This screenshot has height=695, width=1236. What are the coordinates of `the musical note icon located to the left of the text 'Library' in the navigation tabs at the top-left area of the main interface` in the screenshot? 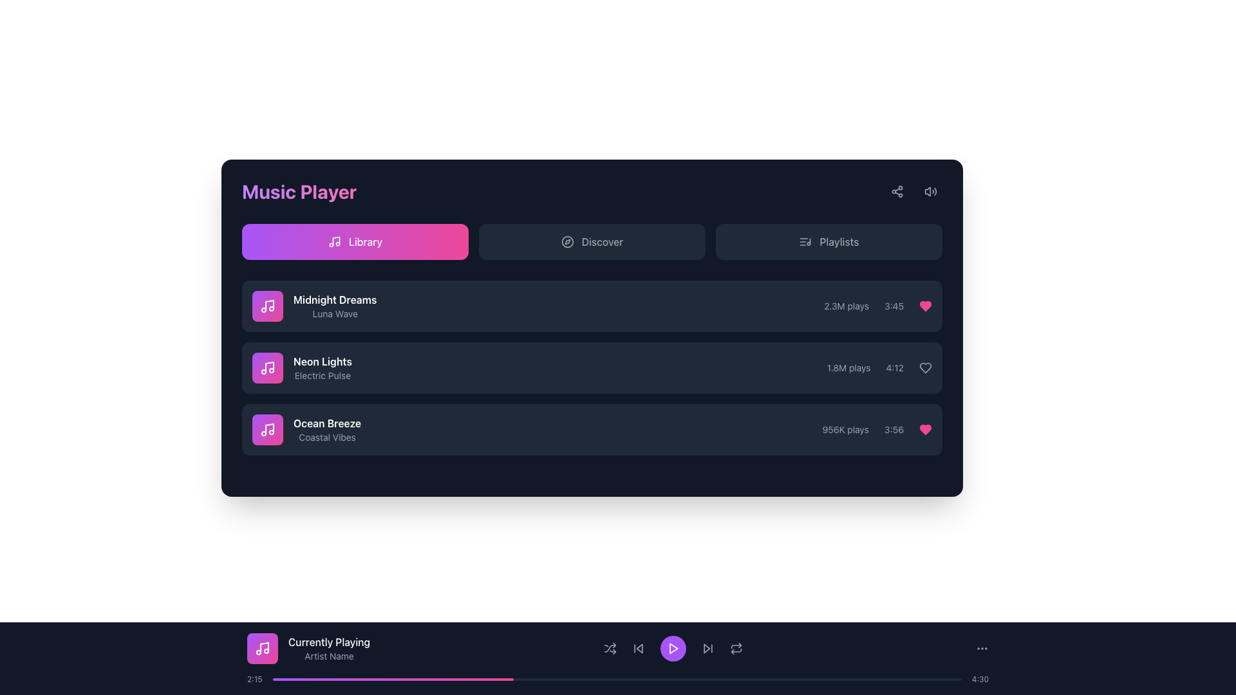 It's located at (334, 241).